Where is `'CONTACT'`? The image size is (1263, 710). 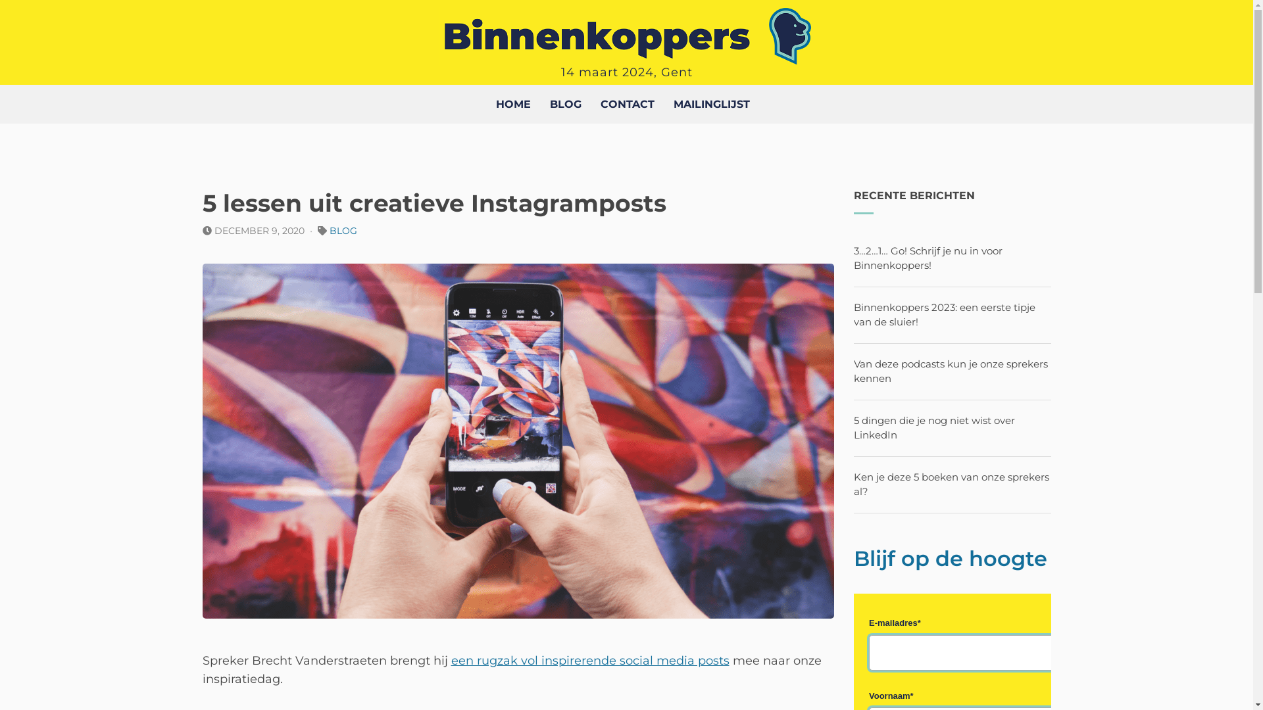 'CONTACT' is located at coordinates (626, 103).